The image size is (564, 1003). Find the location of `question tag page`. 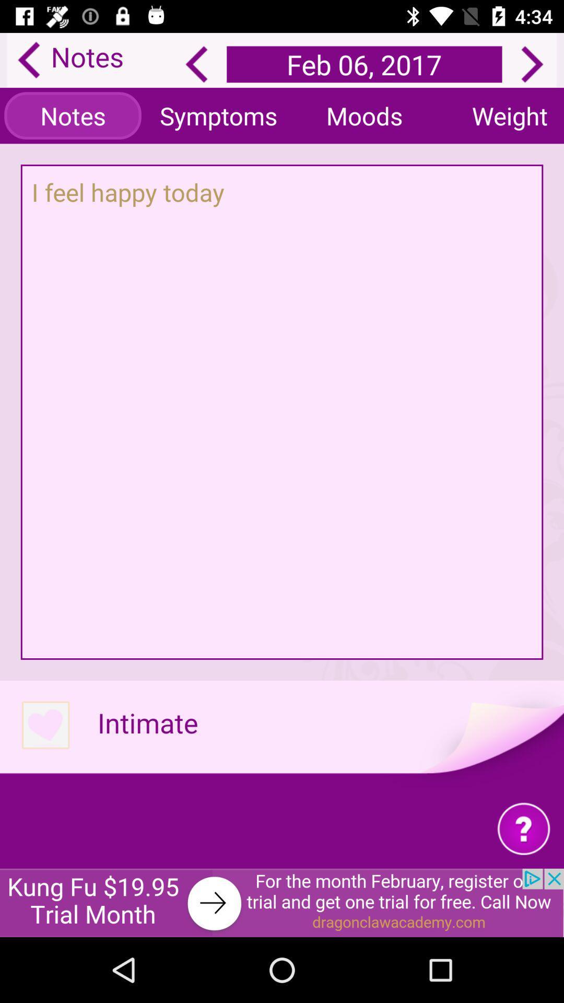

question tag page is located at coordinates (524, 827).